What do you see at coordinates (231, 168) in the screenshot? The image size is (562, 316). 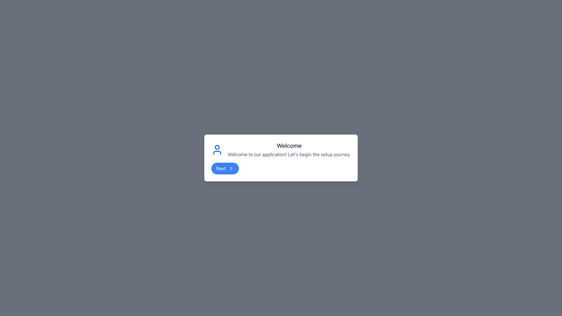 I see `the chevron icon indicating forward navigation next to the 'Next' button, which is located in the lower left portion of a card-style interface` at bounding box center [231, 168].